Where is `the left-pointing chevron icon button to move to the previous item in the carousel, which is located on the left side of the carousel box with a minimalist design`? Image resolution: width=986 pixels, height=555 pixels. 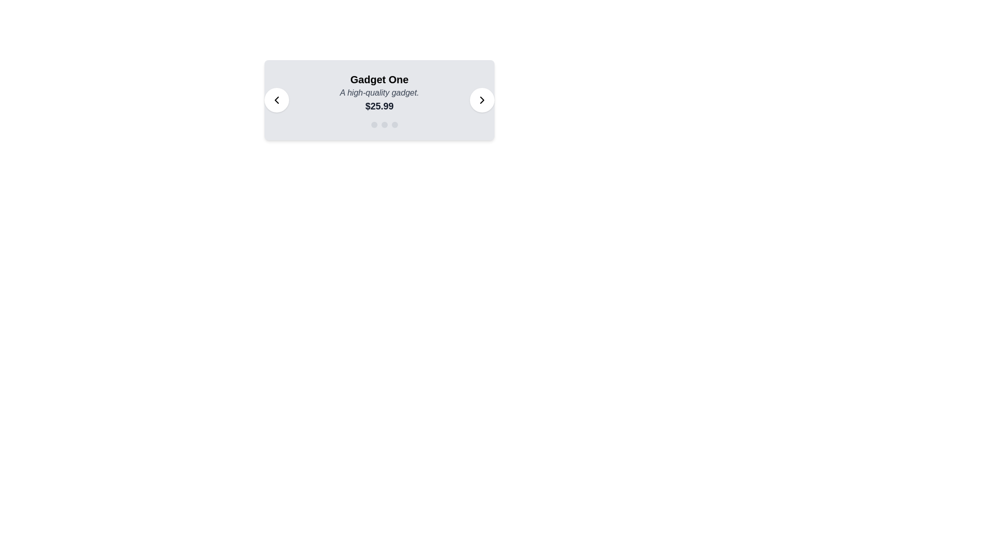
the left-pointing chevron icon button to move to the previous item in the carousel, which is located on the left side of the carousel box with a minimalist design is located at coordinates (276, 100).